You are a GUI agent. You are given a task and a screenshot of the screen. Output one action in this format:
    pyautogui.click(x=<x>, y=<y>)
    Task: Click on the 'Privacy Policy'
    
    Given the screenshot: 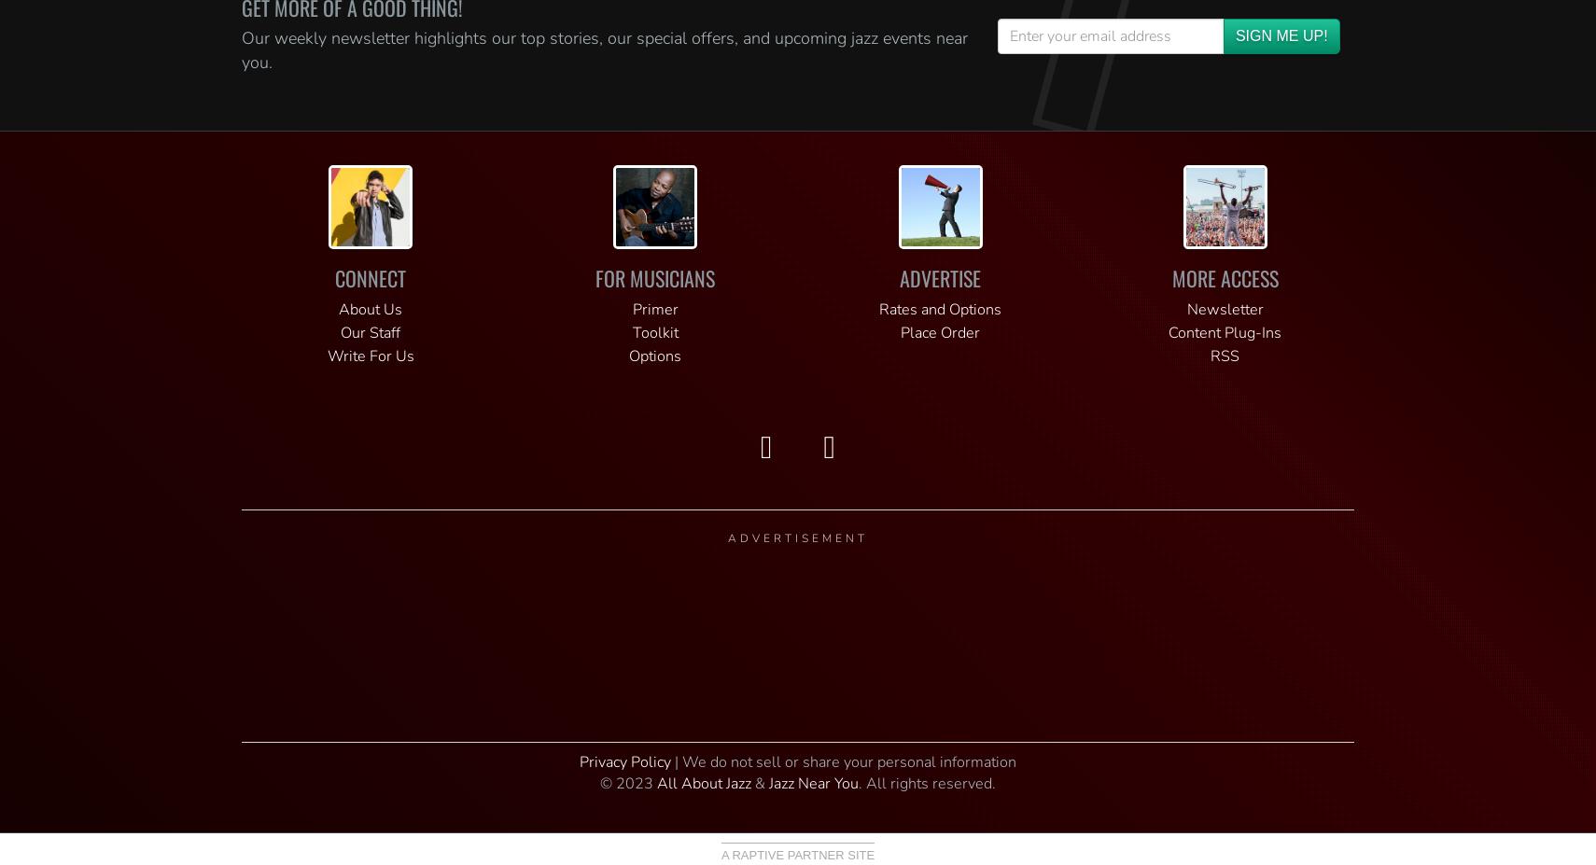 What is the action you would take?
    pyautogui.click(x=624, y=761)
    